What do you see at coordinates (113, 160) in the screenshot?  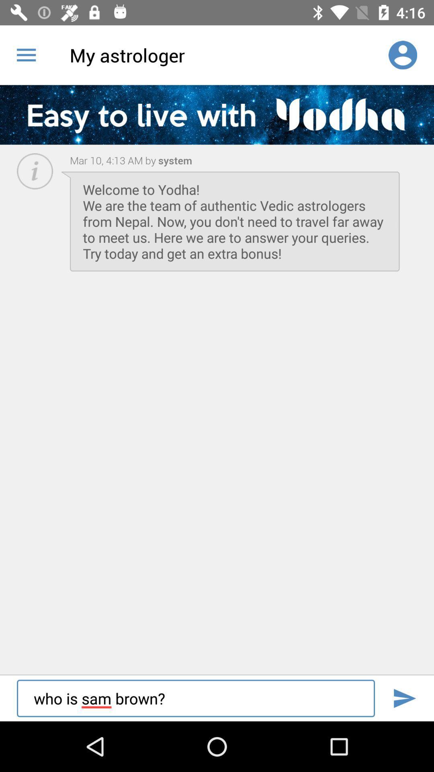 I see `mar 10 4 item` at bounding box center [113, 160].